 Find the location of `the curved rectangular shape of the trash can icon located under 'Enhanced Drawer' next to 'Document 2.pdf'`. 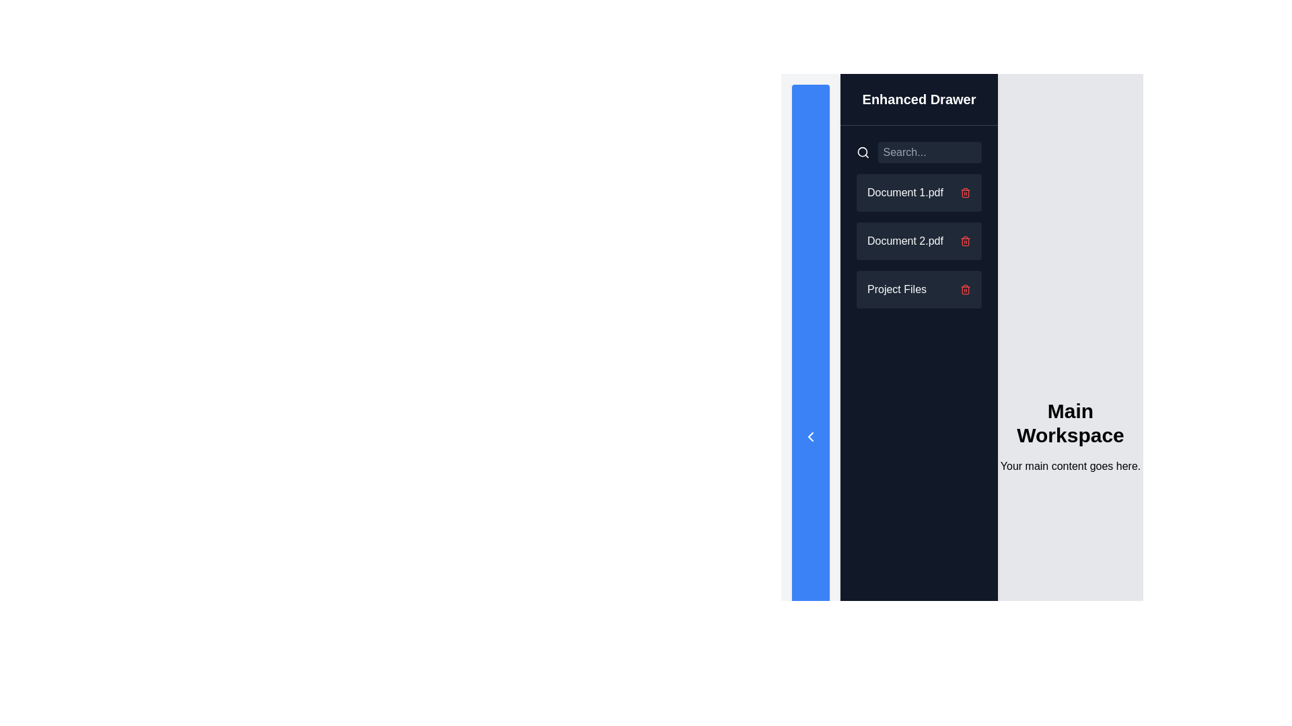

the curved rectangular shape of the trash can icon located under 'Enhanced Drawer' next to 'Document 2.pdf' is located at coordinates (965, 290).